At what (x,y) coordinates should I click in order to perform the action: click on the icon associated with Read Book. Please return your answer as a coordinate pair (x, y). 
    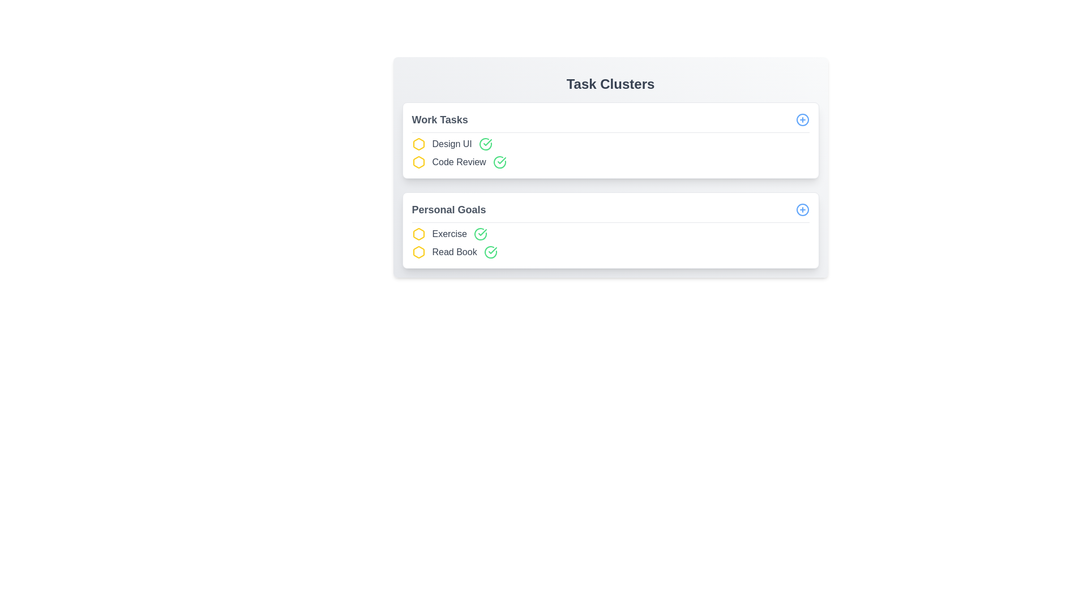
    Looking at the image, I should click on (418, 252).